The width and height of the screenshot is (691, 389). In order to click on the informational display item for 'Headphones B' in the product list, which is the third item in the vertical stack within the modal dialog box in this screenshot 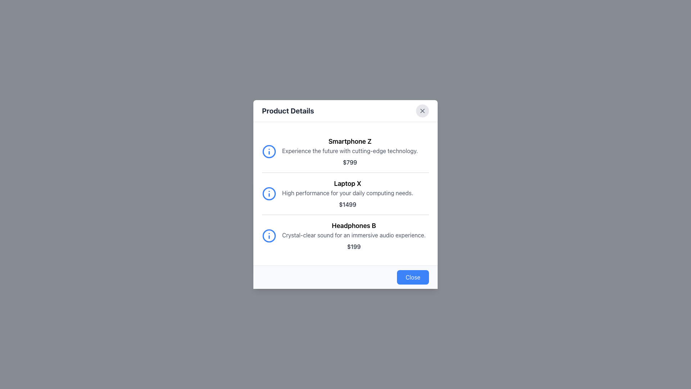, I will do `click(354, 236)`.